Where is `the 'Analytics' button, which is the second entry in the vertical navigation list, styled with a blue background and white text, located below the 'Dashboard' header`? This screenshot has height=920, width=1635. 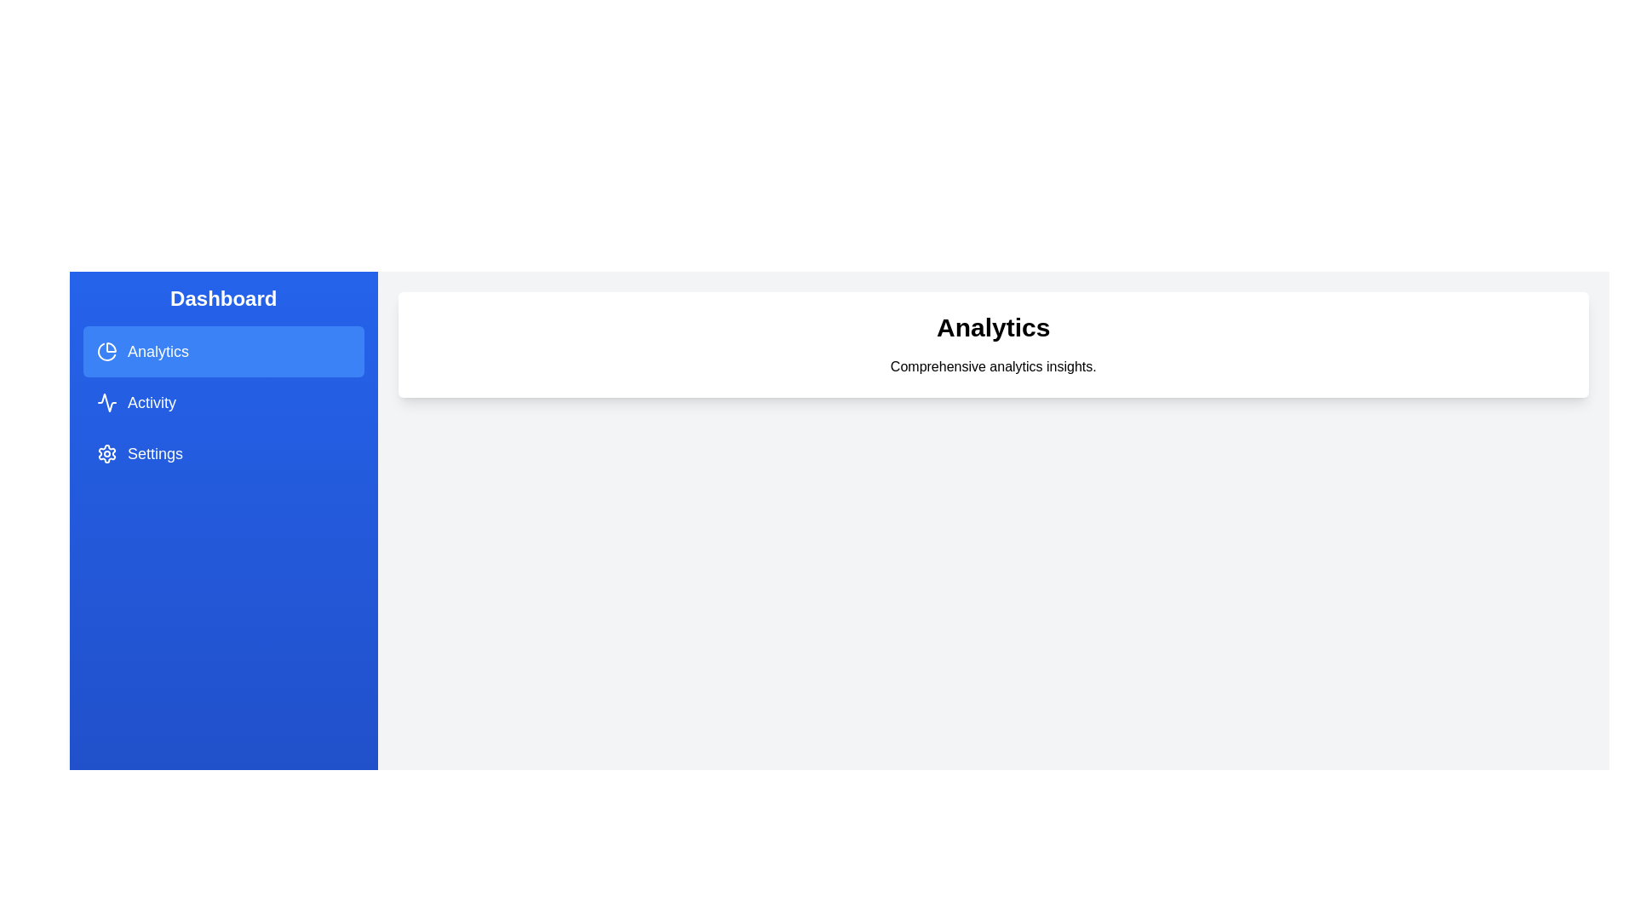
the 'Analytics' button, which is the second entry in the vertical navigation list, styled with a blue background and white text, located below the 'Dashboard' header is located at coordinates (222, 381).